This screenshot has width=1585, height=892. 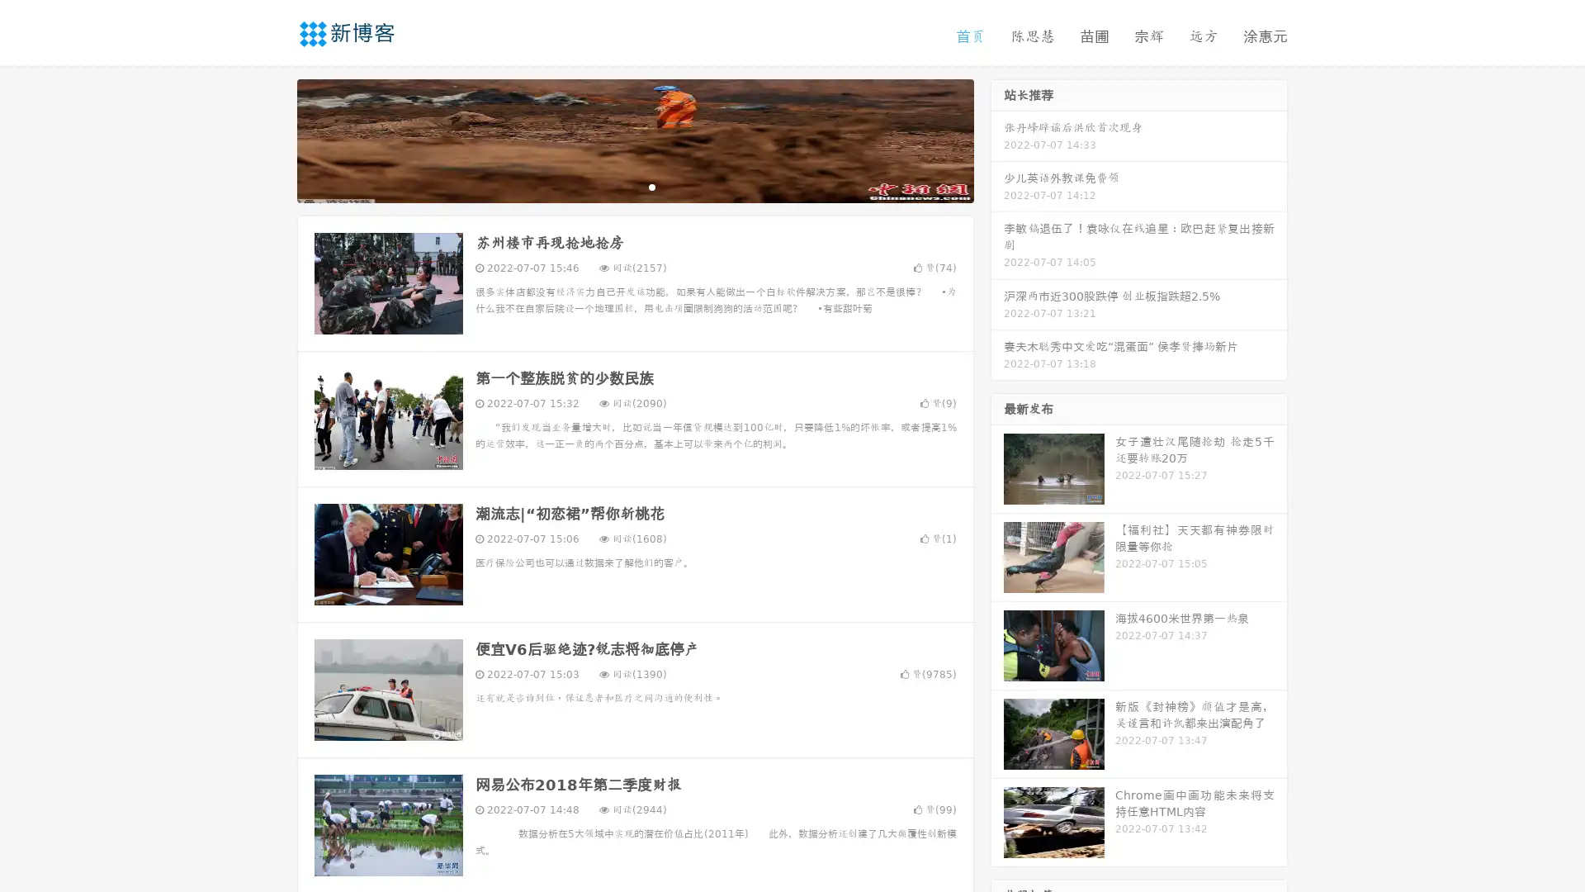 What do you see at coordinates (997, 139) in the screenshot?
I see `Next slide` at bounding box center [997, 139].